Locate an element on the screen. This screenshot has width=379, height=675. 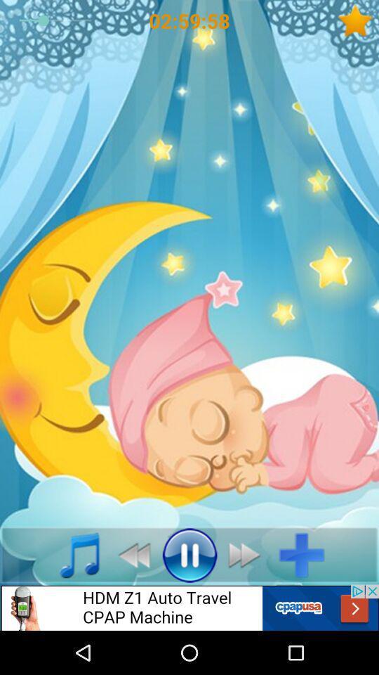
the pause icon is located at coordinates (189, 555).